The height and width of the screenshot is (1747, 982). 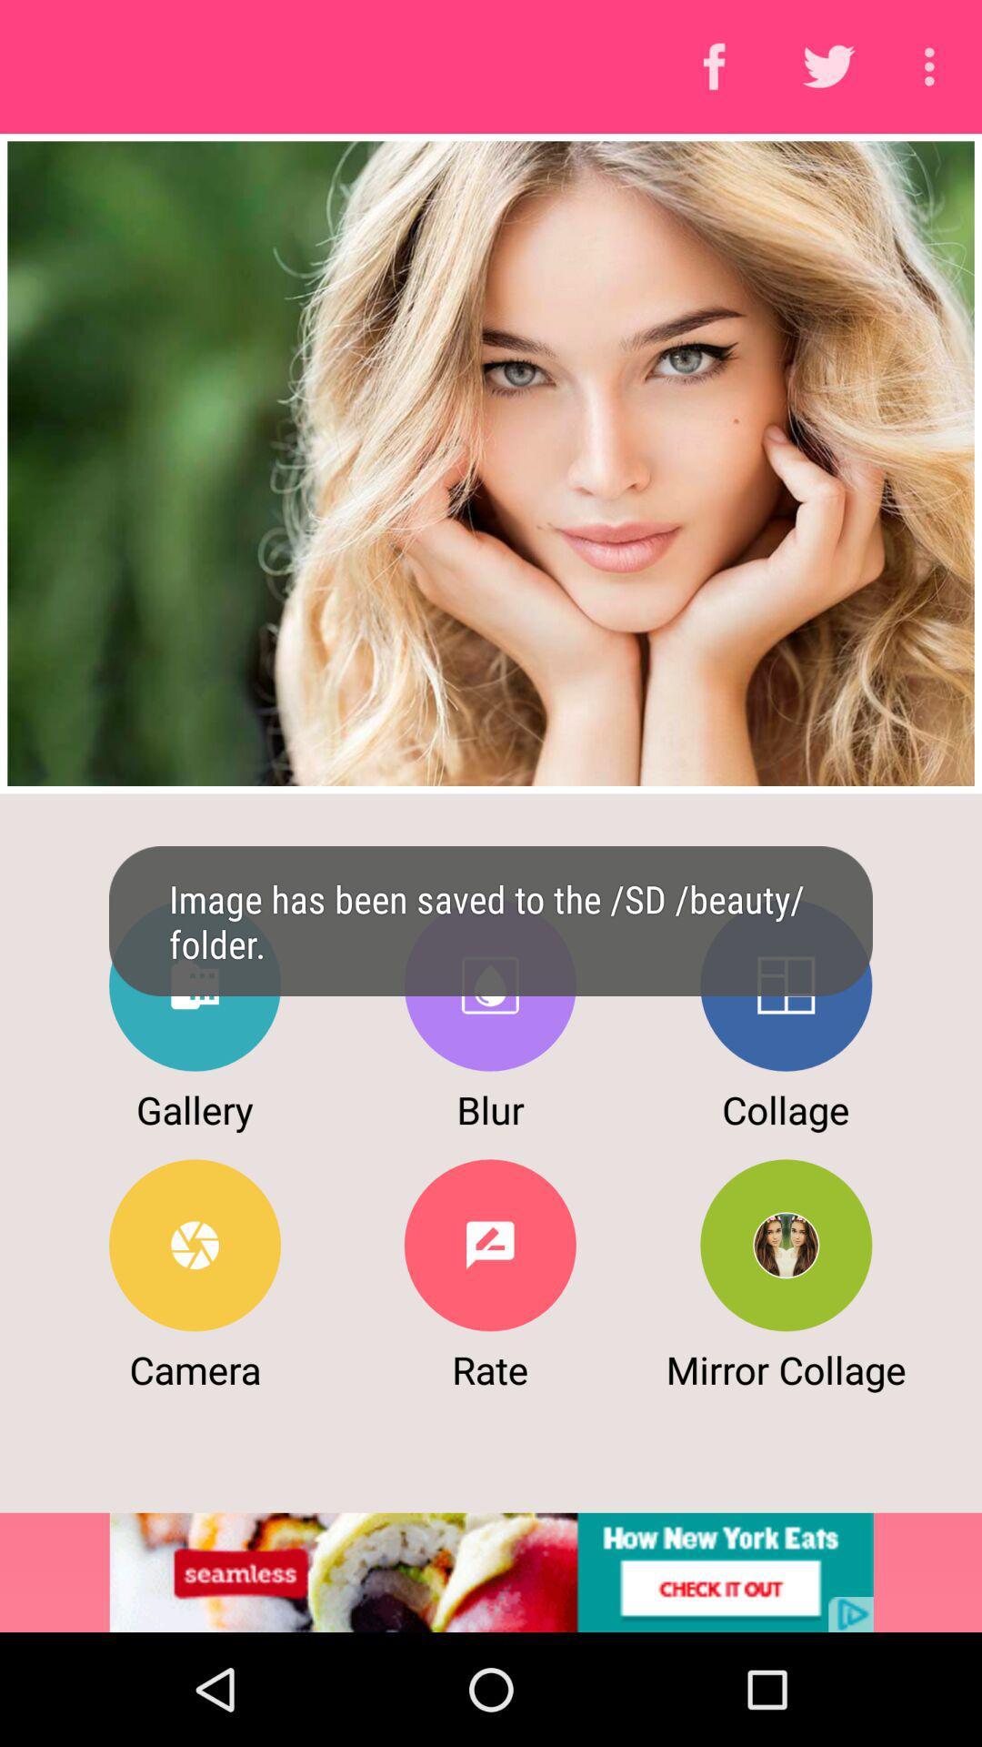 What do you see at coordinates (489, 1244) in the screenshot?
I see `rating` at bounding box center [489, 1244].